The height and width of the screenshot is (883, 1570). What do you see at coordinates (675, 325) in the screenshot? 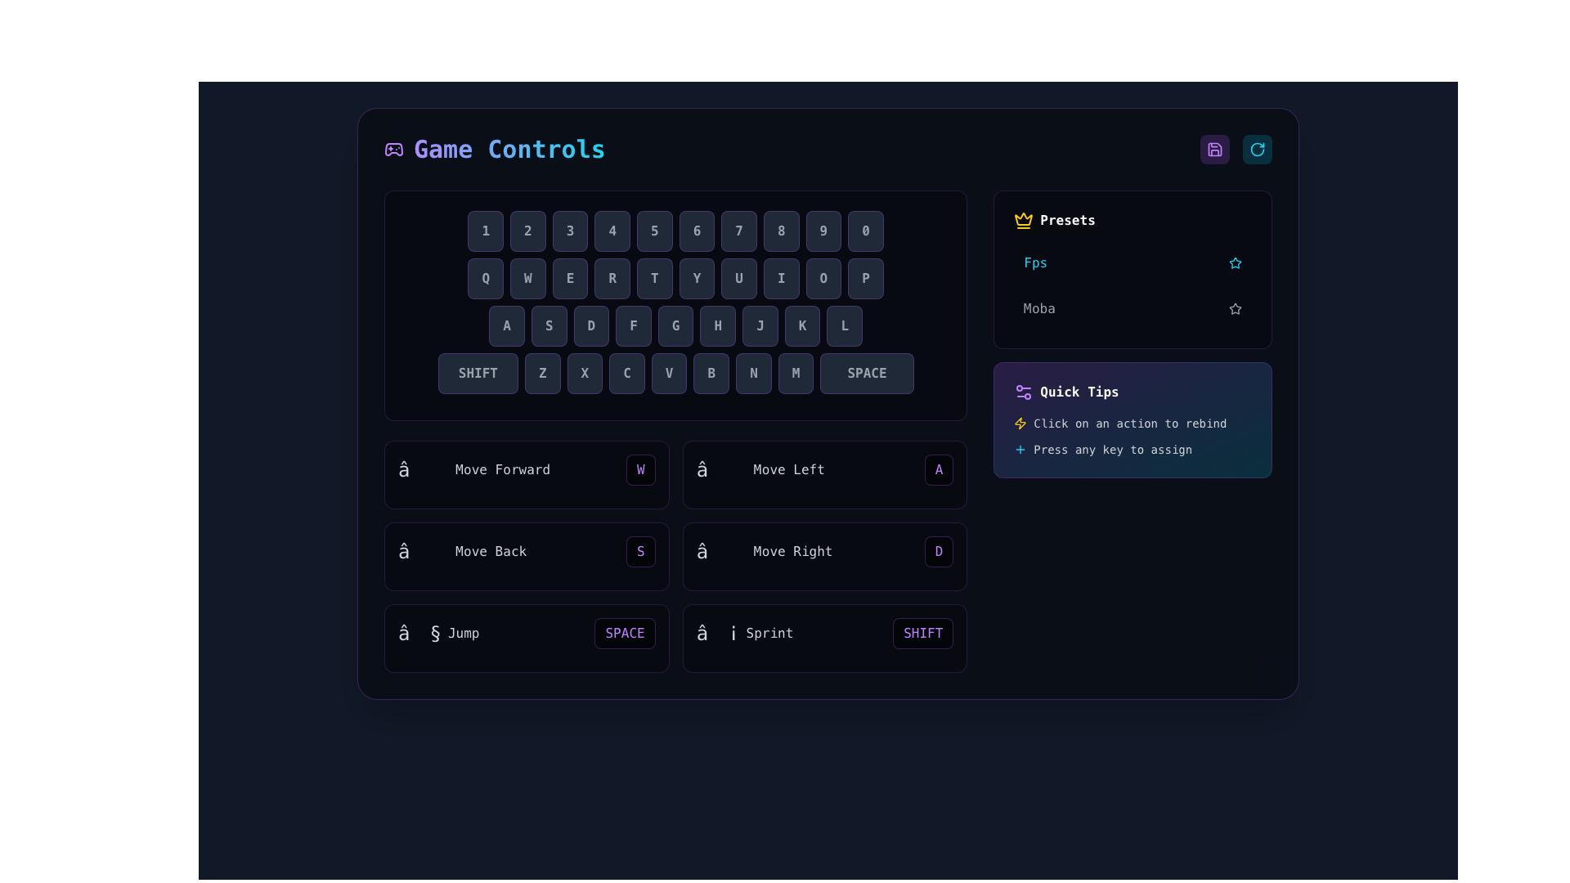
I see `the square-shaped button with rounded corners, featuring a dark gray background and a bold letter 'G' centered within, located between the buttons labeled 'F' and 'H'` at bounding box center [675, 325].